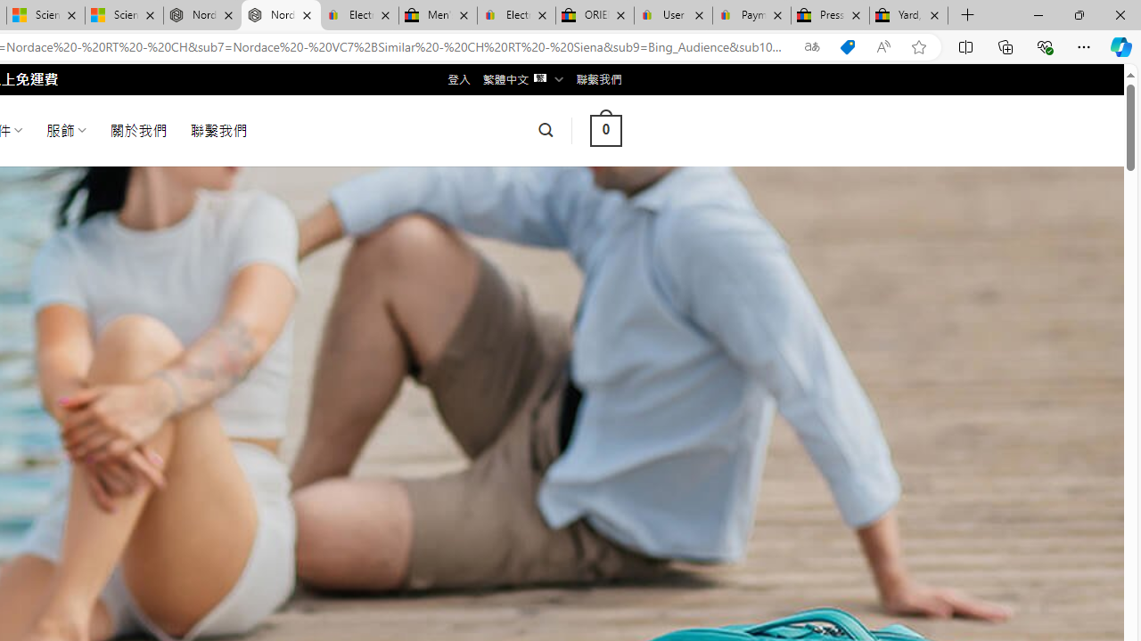  What do you see at coordinates (605, 129) in the screenshot?
I see `' 0 '` at bounding box center [605, 129].